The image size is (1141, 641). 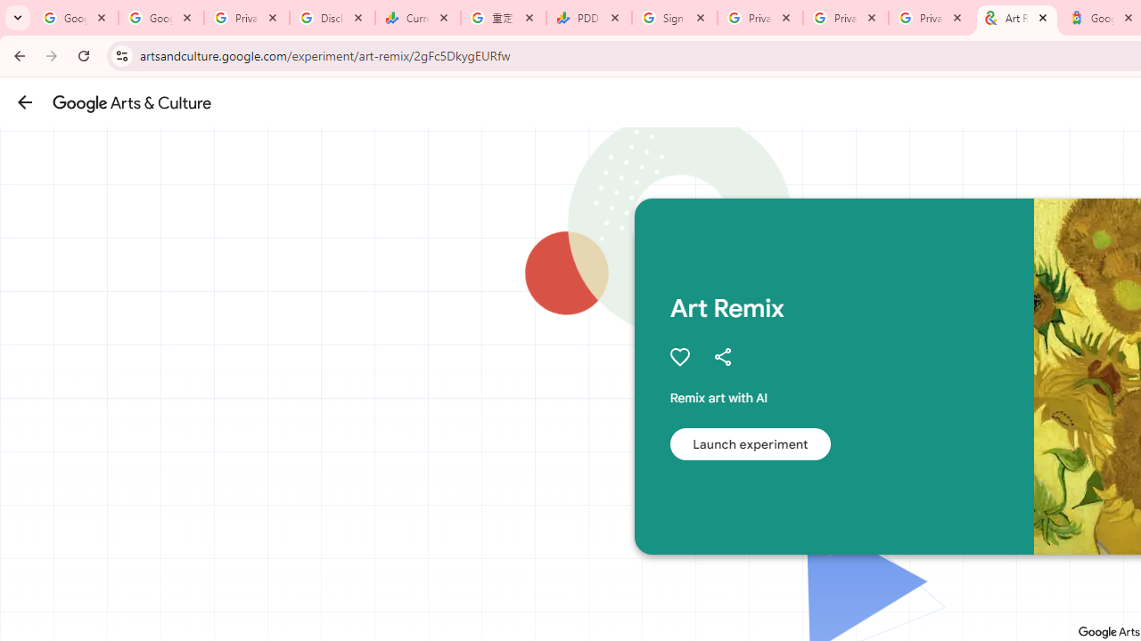 I want to click on 'PDD Holdings Inc - ADR (PDD) Price & News - Google Finance', so click(x=589, y=18).